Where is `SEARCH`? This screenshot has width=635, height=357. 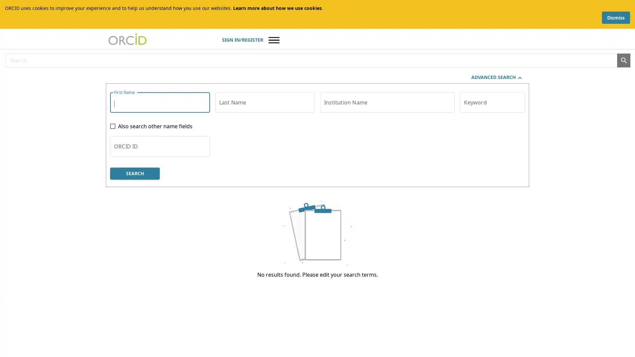 SEARCH is located at coordinates (141, 206).